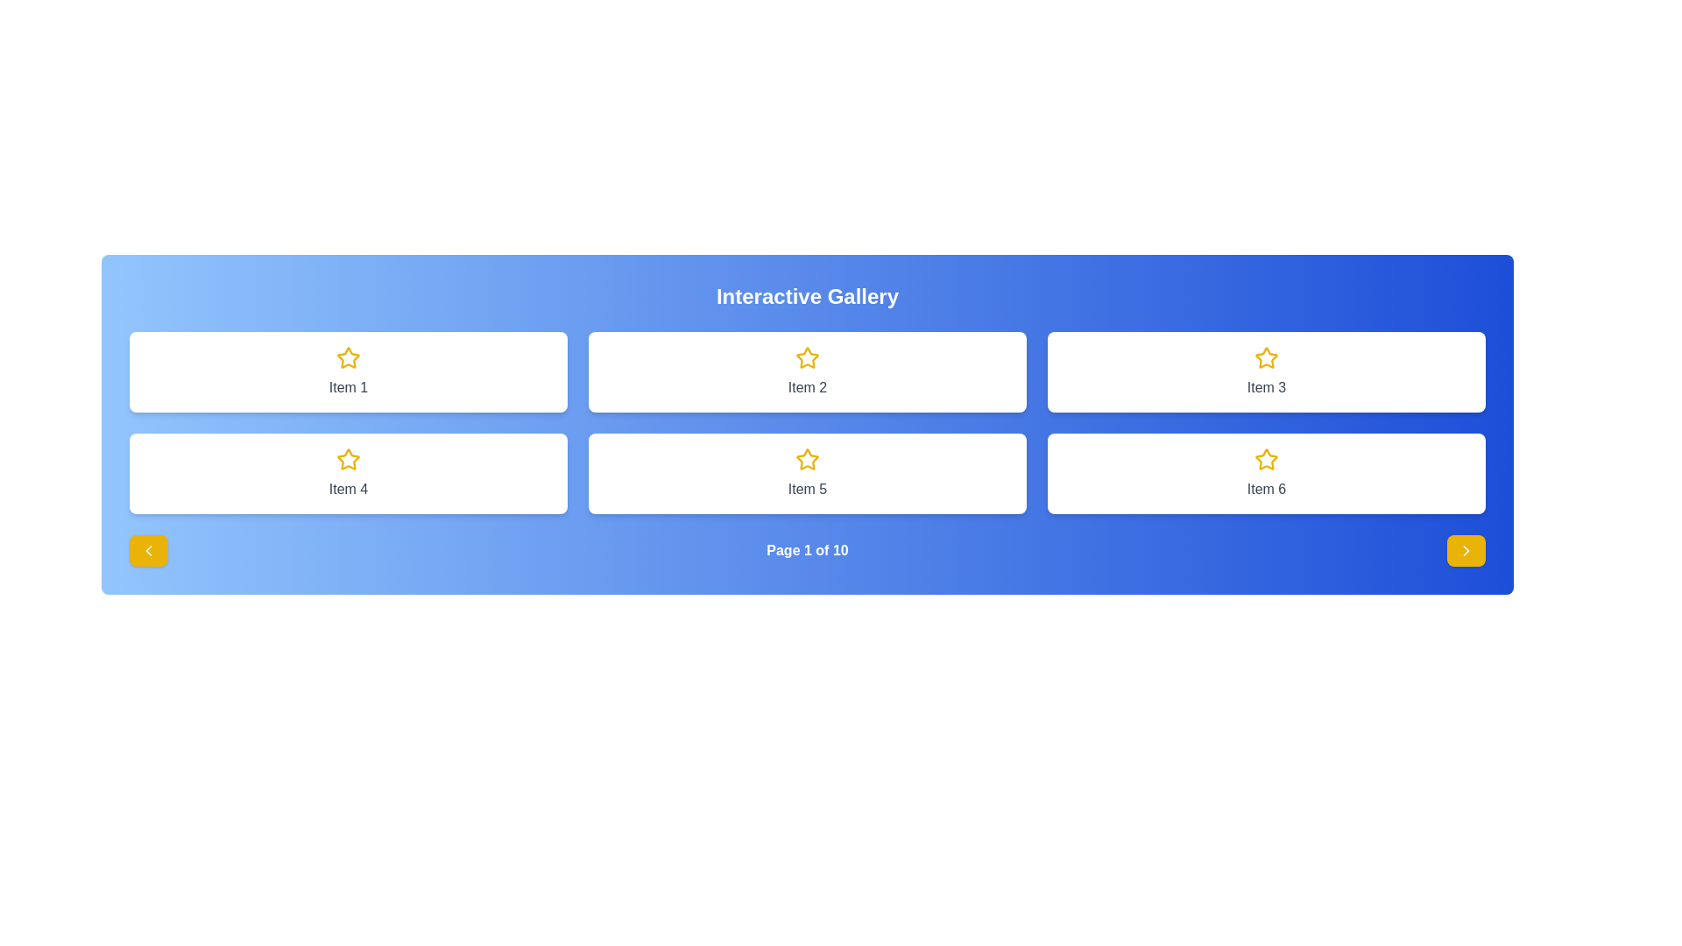 The width and height of the screenshot is (1682, 946). Describe the element at coordinates (806, 458) in the screenshot. I see `the star icon representing the rating or favorite option in the 'Item 5' section` at that location.